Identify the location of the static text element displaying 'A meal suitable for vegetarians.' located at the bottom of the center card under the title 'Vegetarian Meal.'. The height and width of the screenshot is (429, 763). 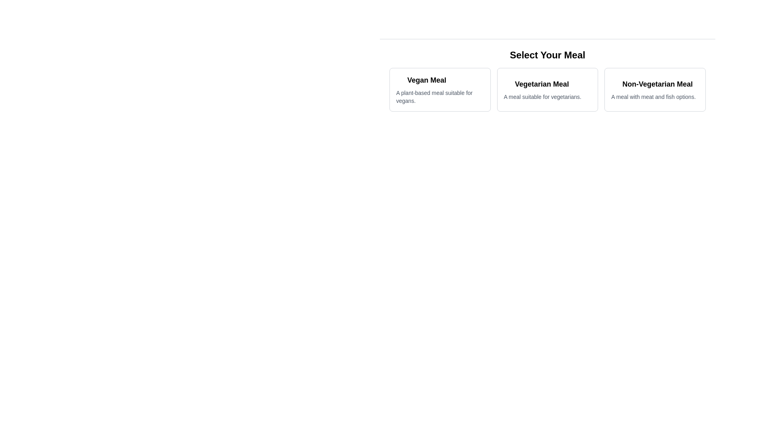
(547, 96).